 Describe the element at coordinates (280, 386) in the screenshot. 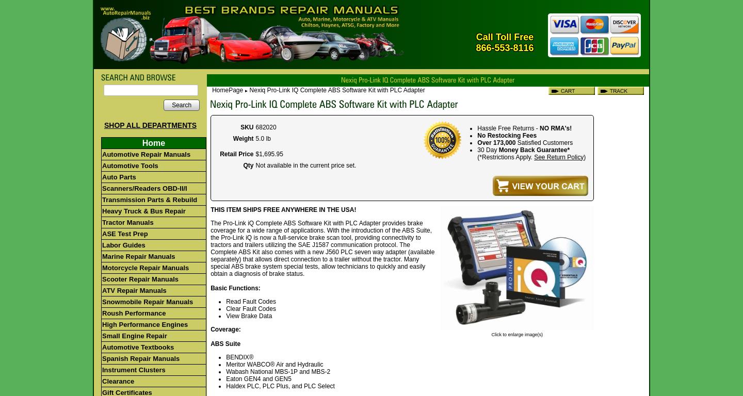

I see `'Haldex PLC, PLC Plus, and PLC Select'` at that location.